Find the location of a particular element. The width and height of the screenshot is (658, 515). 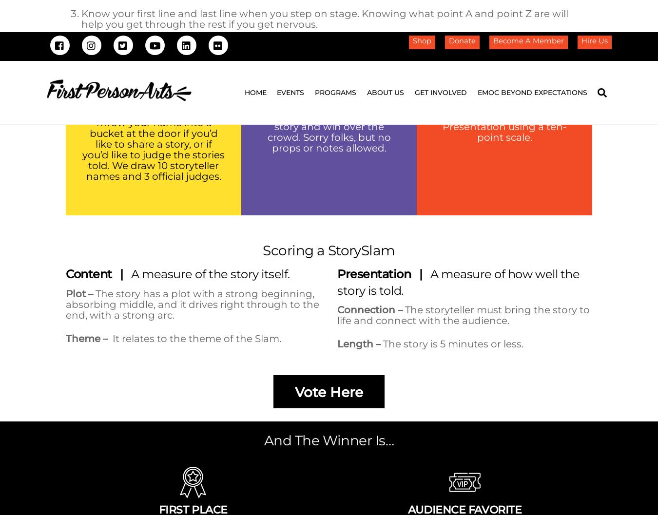

'First Person Arts is a registered 501(c)(3) non-profit organization and as such is eligible to receive tax-deductible donations and corporate matching gifts. Our registered' is located at coordinates (329, 321).